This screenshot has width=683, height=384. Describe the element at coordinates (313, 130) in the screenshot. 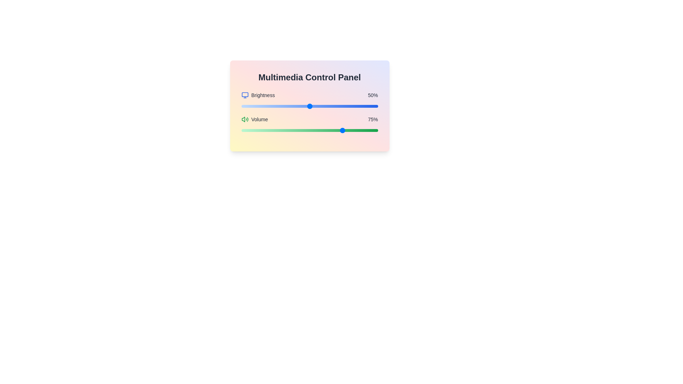

I see `the volume slider to 53% by dragging the slider to the desired position` at that location.